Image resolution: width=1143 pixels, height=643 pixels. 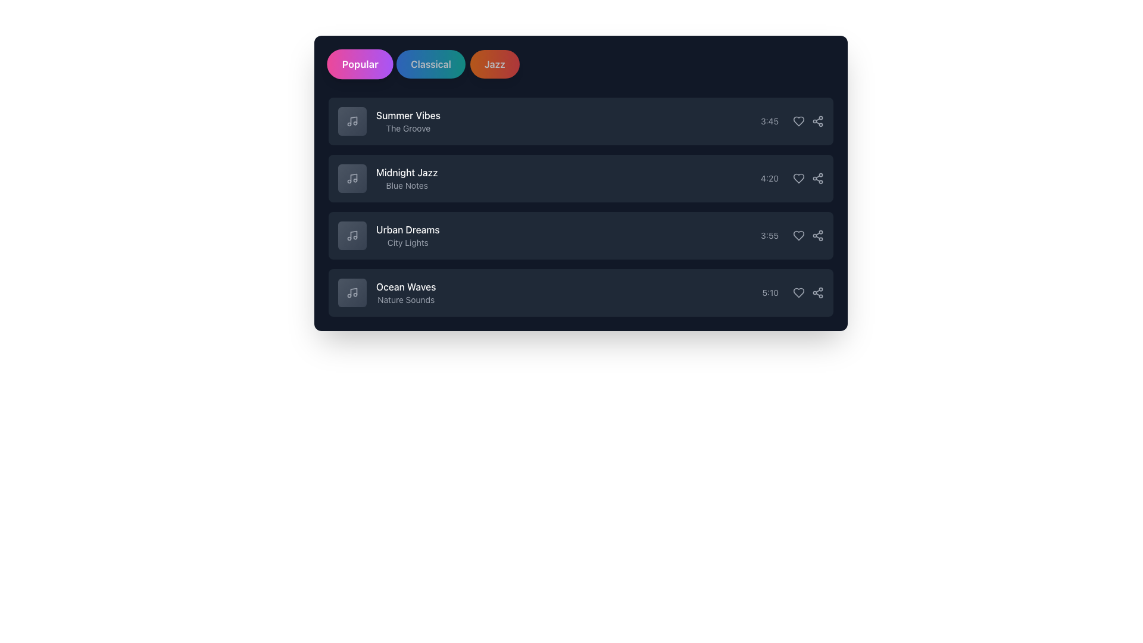 What do you see at coordinates (793, 293) in the screenshot?
I see `the icon button located in the bottom-most row of the list component, positioned to the right of the '5:10' text and left of the sharing icon` at bounding box center [793, 293].